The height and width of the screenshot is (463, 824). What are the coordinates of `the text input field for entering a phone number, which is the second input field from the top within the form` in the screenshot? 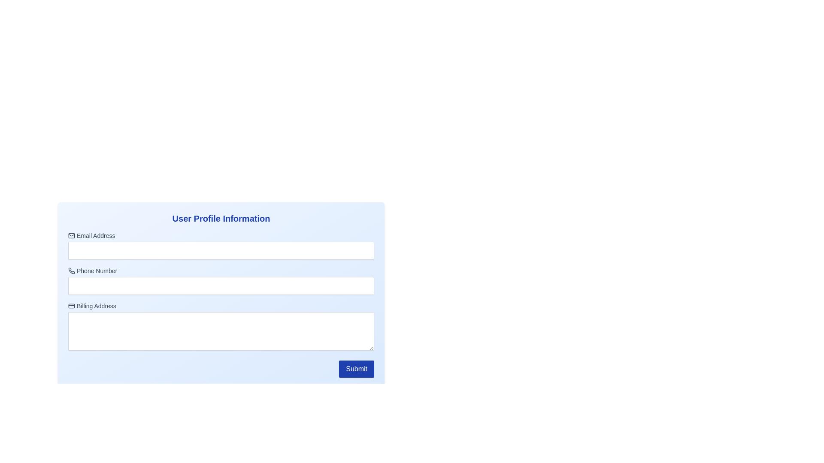 It's located at (221, 288).